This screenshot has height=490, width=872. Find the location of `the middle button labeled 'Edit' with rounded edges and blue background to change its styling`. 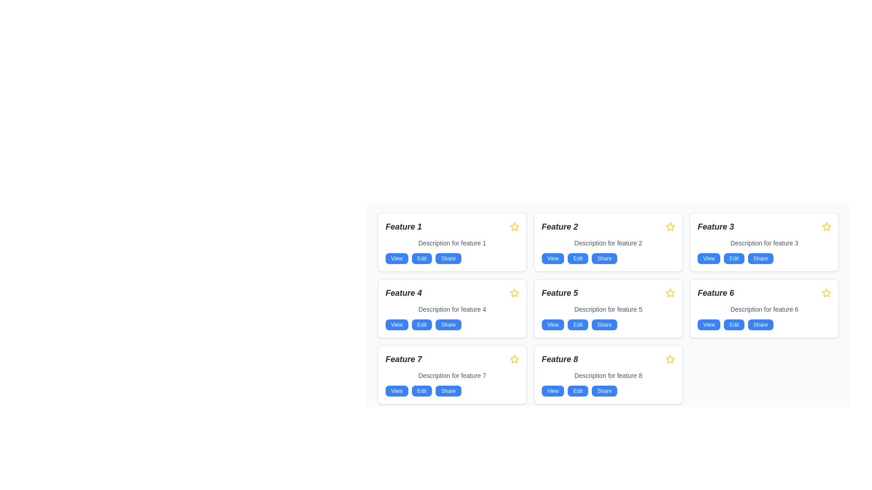

the middle button labeled 'Edit' with rounded edges and blue background to change its styling is located at coordinates (577, 324).